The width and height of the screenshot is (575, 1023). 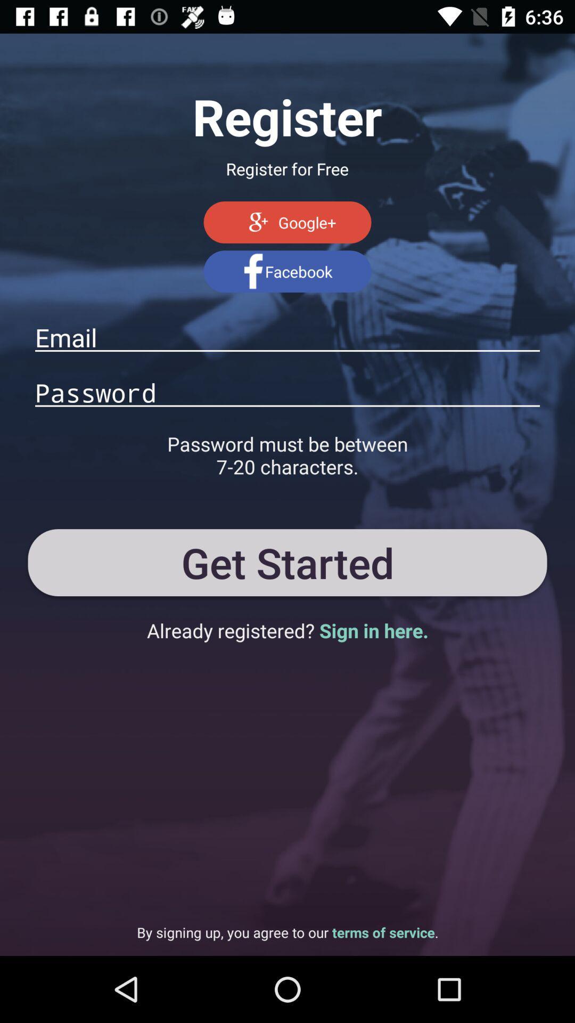 What do you see at coordinates (287, 337) in the screenshot?
I see `email` at bounding box center [287, 337].